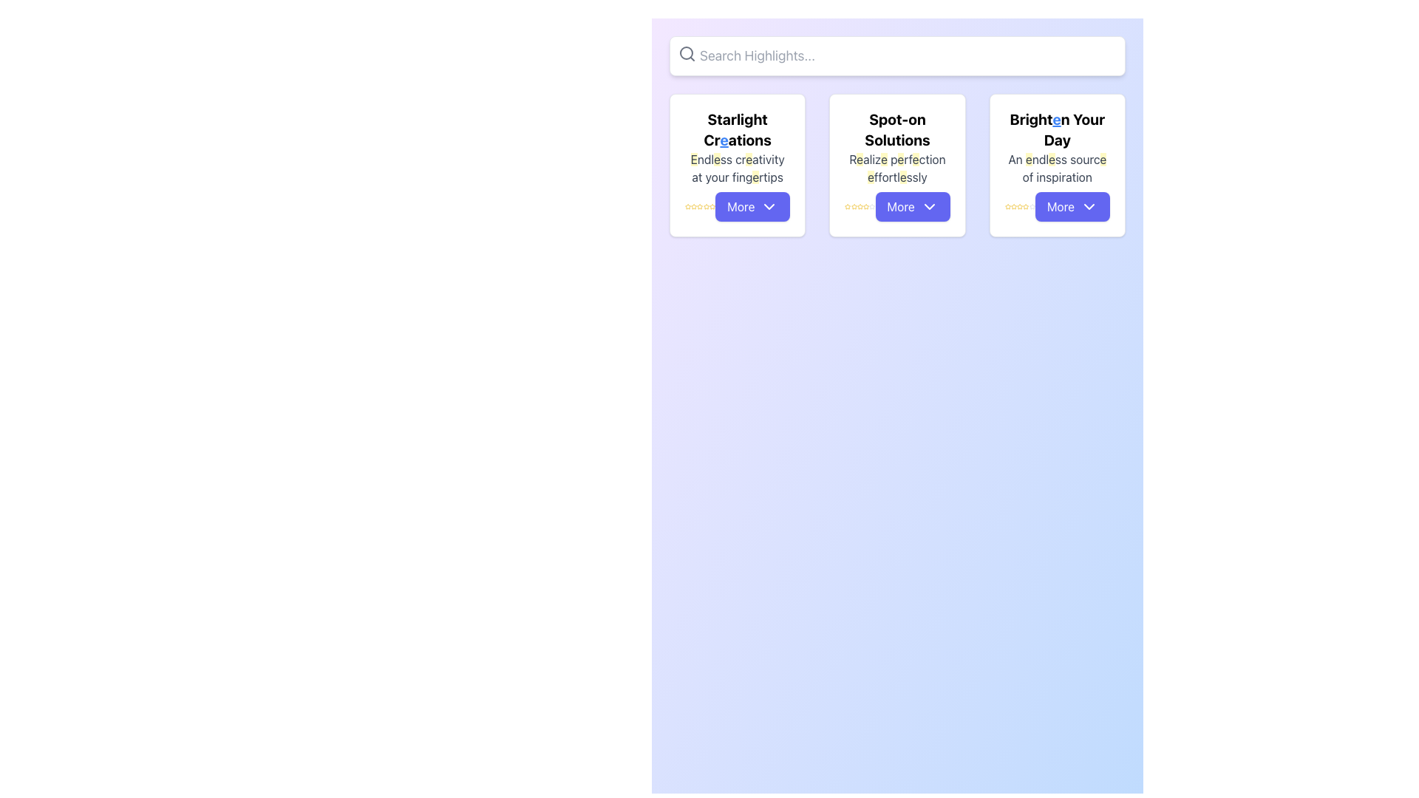  What do you see at coordinates (738, 167) in the screenshot?
I see `the static text element displaying 'ativity at your fing', which is part of the phrase 'Endless creativity at your fingertips' on the card labeled 'Starlight Creations'` at bounding box center [738, 167].